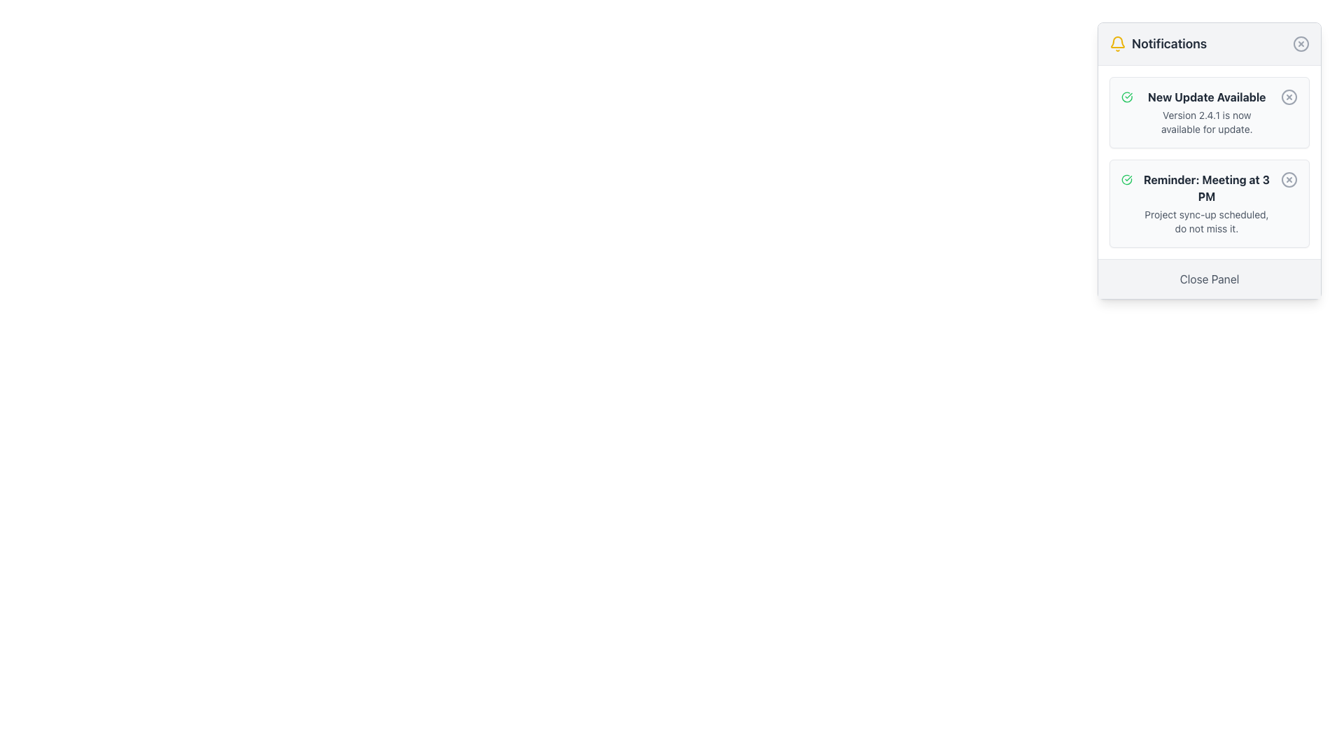  What do you see at coordinates (1289, 96) in the screenshot?
I see `the small circular button with a gray outline and 'X' icon located to the right of the text 'New Update Available Version 2.4.1 is now available for update.'` at bounding box center [1289, 96].